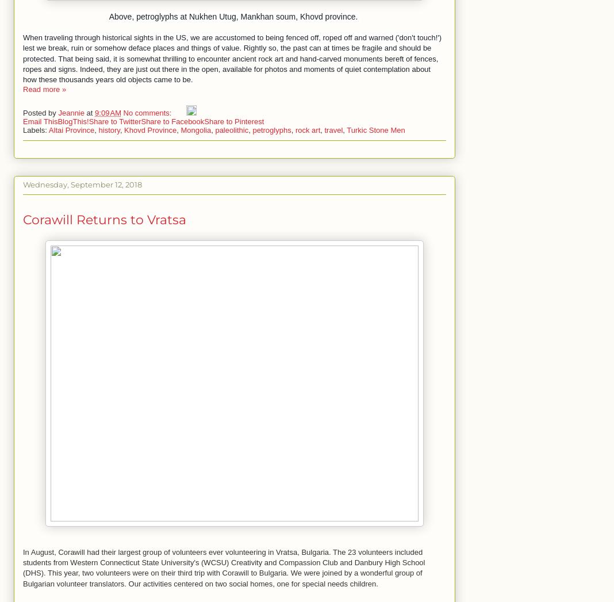 The image size is (614, 602). What do you see at coordinates (35, 129) in the screenshot?
I see `'Labels:'` at bounding box center [35, 129].